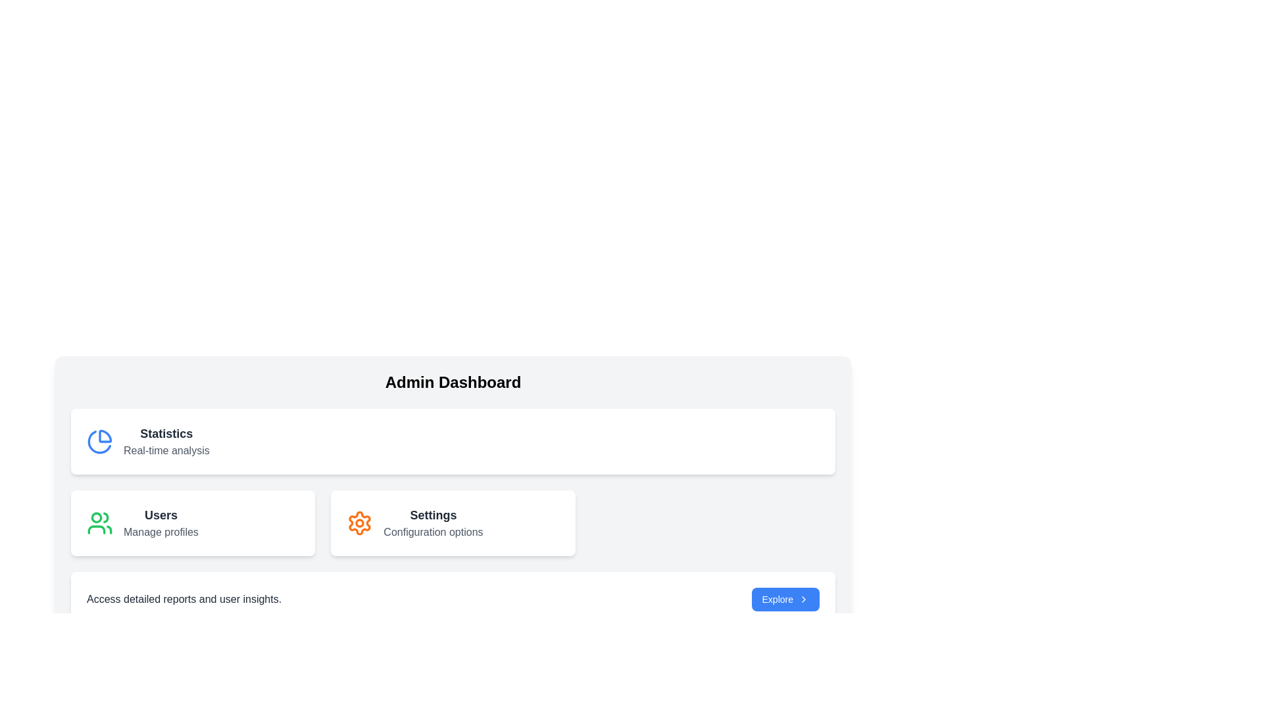  Describe the element at coordinates (160, 522) in the screenshot. I see `text element displaying 'Users' and 'Manage profiles', which is located centrally in a rectangular white card on the left side of the second row, below a green users icon` at that location.